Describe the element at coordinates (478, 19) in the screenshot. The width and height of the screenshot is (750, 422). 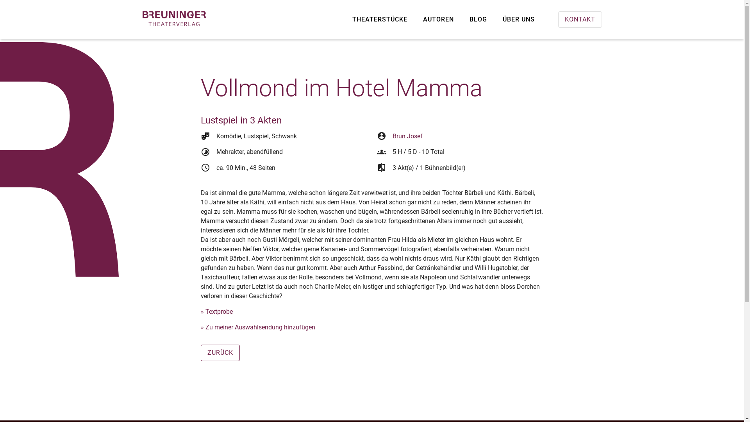
I see `'BLOG'` at that location.